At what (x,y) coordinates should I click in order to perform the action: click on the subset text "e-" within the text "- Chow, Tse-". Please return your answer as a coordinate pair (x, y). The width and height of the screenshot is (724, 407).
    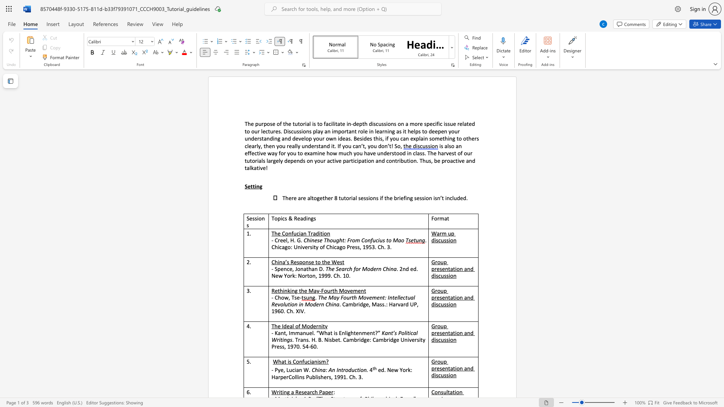
    Looking at the image, I should click on (296, 297).